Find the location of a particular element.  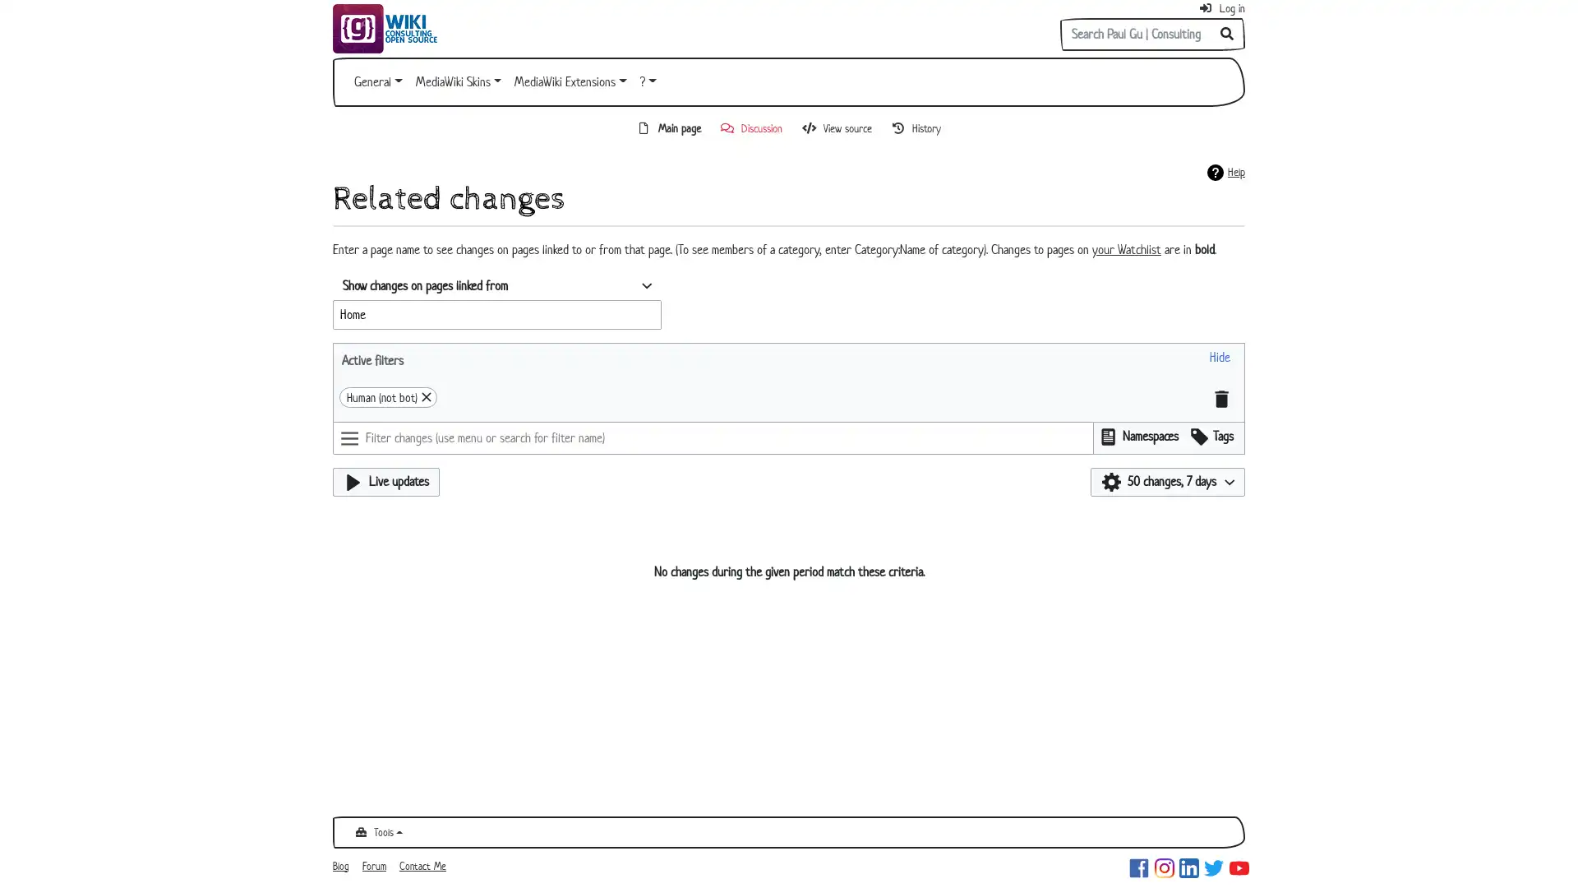

Clear all filters is located at coordinates (1221, 399).